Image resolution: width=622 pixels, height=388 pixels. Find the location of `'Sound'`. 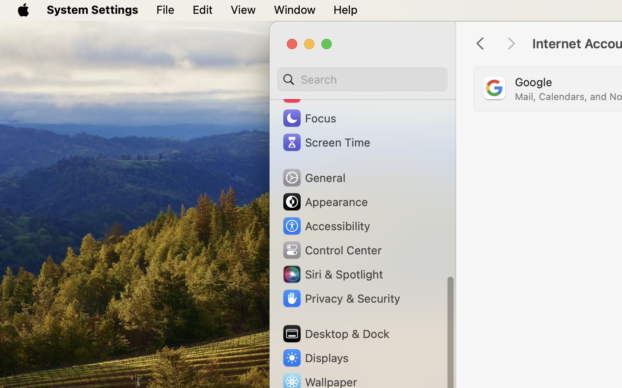

'Sound' is located at coordinates (310, 94).